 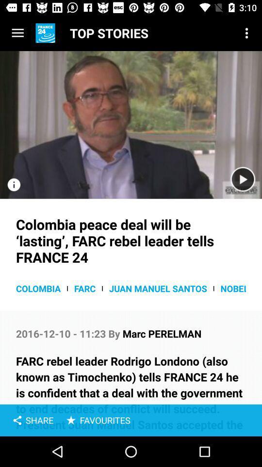 I want to click on video, so click(x=131, y=124).